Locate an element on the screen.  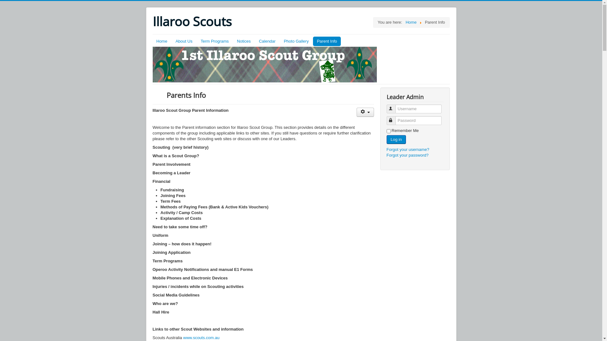
'Illaroo Scouts' is located at coordinates (191, 21).